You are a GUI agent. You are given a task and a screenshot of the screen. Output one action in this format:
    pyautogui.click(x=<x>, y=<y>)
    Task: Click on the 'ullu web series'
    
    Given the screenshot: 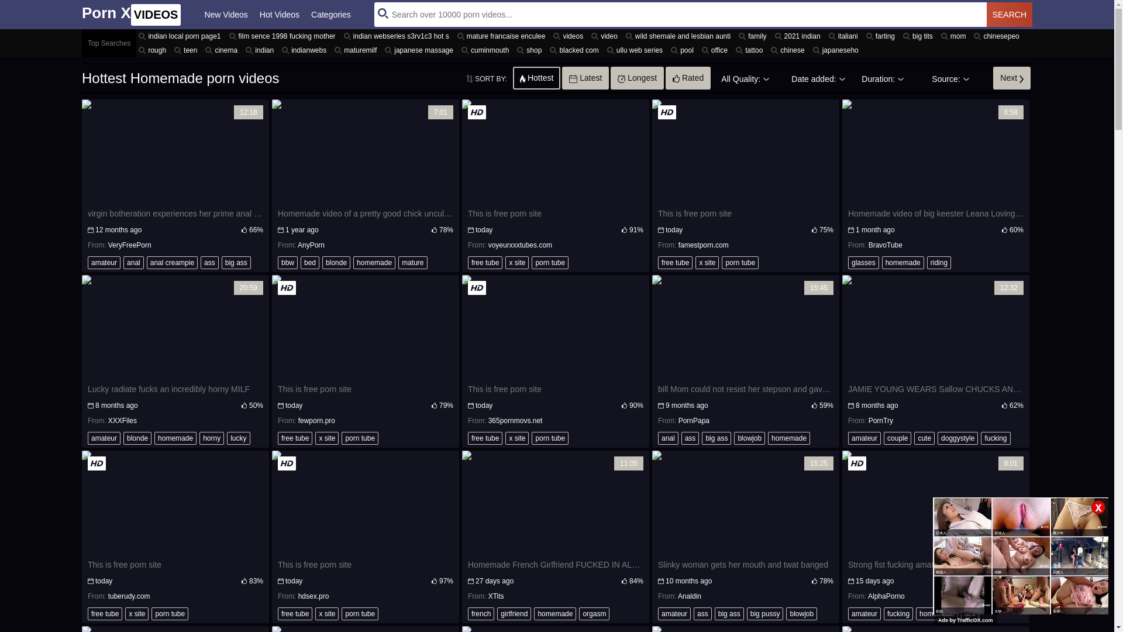 What is the action you would take?
    pyautogui.click(x=636, y=49)
    